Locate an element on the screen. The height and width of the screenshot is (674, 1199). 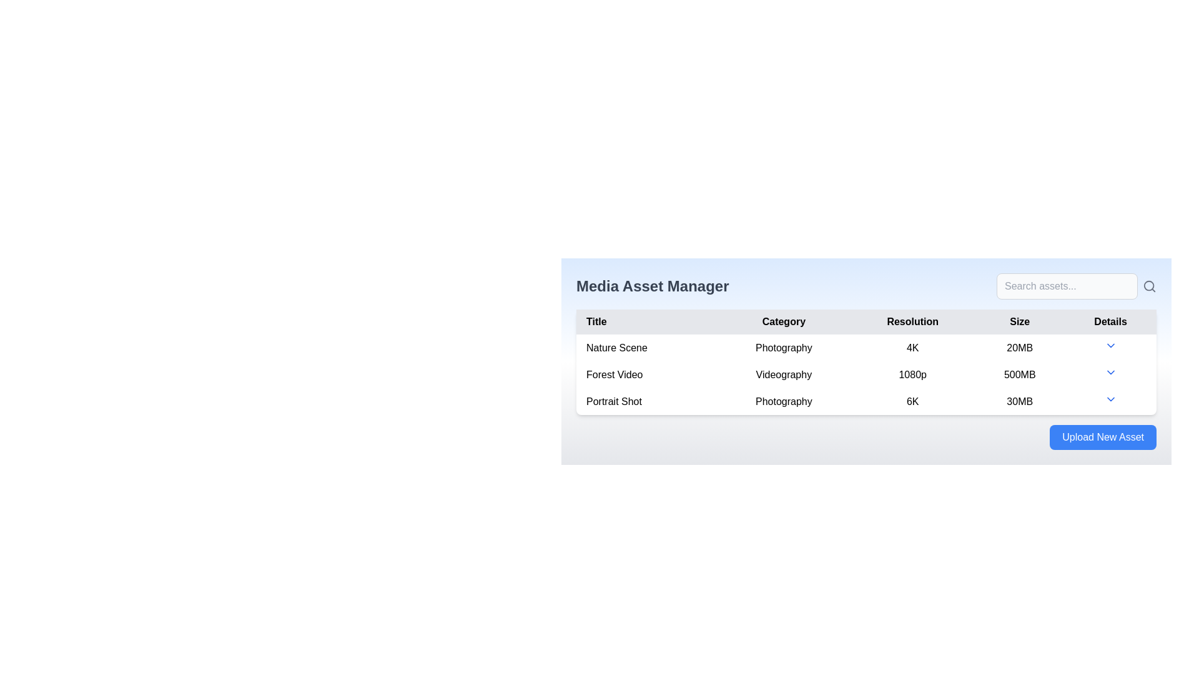
the 'Category' text label header, which indicates the contents of the column below it in the structured table layout is located at coordinates (783, 321).